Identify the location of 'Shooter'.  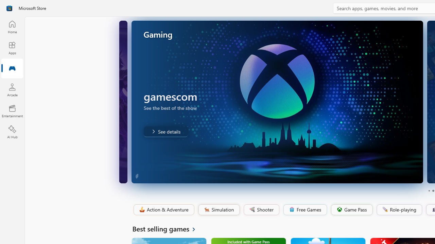
(261, 209).